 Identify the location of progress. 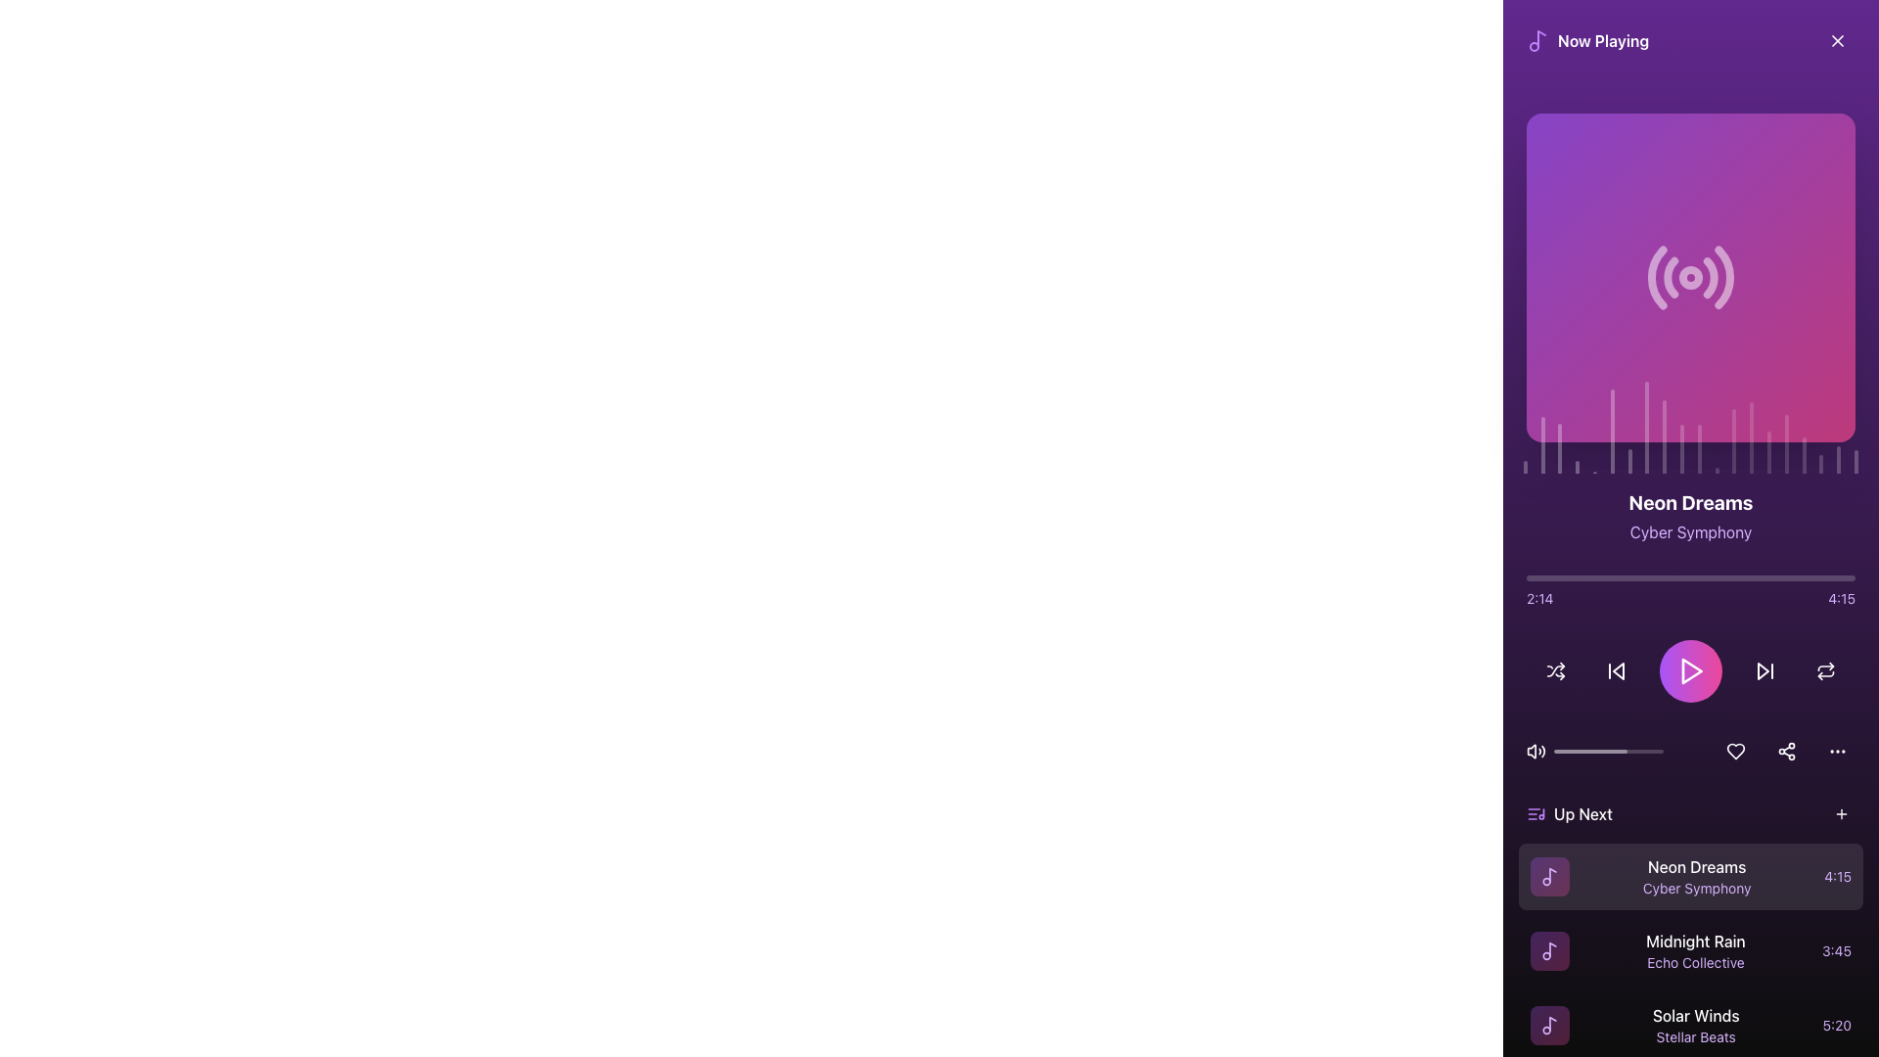
(1551, 576).